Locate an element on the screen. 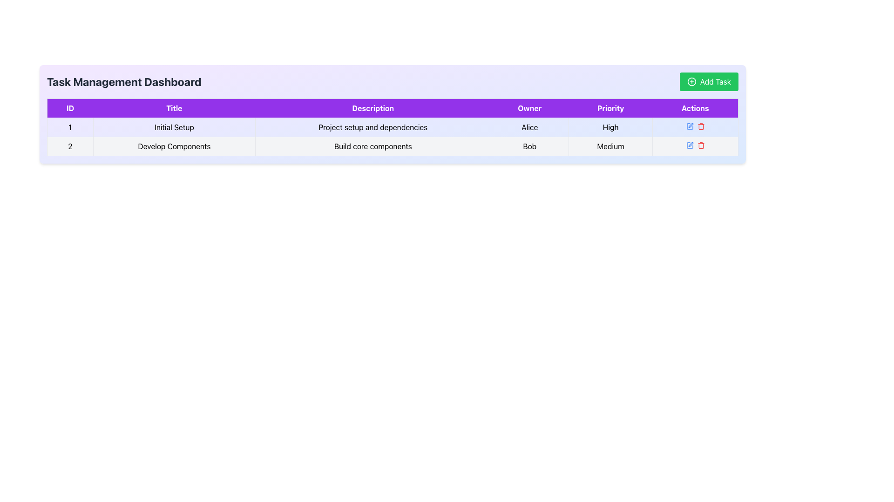  the circular icon with a plus sign located in the top-right corner of the interface is located at coordinates (691, 81).